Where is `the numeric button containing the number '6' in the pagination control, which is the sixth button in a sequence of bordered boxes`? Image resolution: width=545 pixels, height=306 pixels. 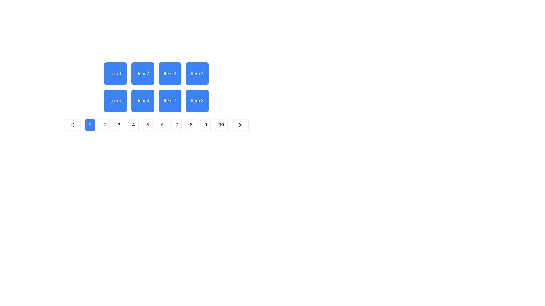 the numeric button containing the number '6' in the pagination control, which is the sixth button in a sequence of bordered boxes is located at coordinates (156, 124).